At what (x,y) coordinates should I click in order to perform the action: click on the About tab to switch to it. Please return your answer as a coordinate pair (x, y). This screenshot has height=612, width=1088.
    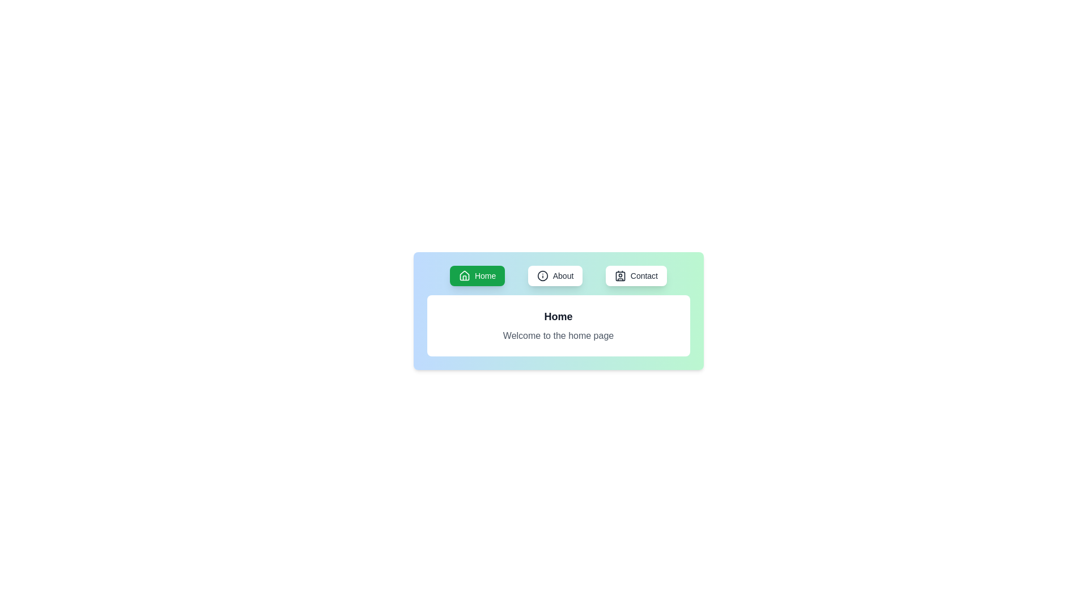
    Looking at the image, I should click on (555, 275).